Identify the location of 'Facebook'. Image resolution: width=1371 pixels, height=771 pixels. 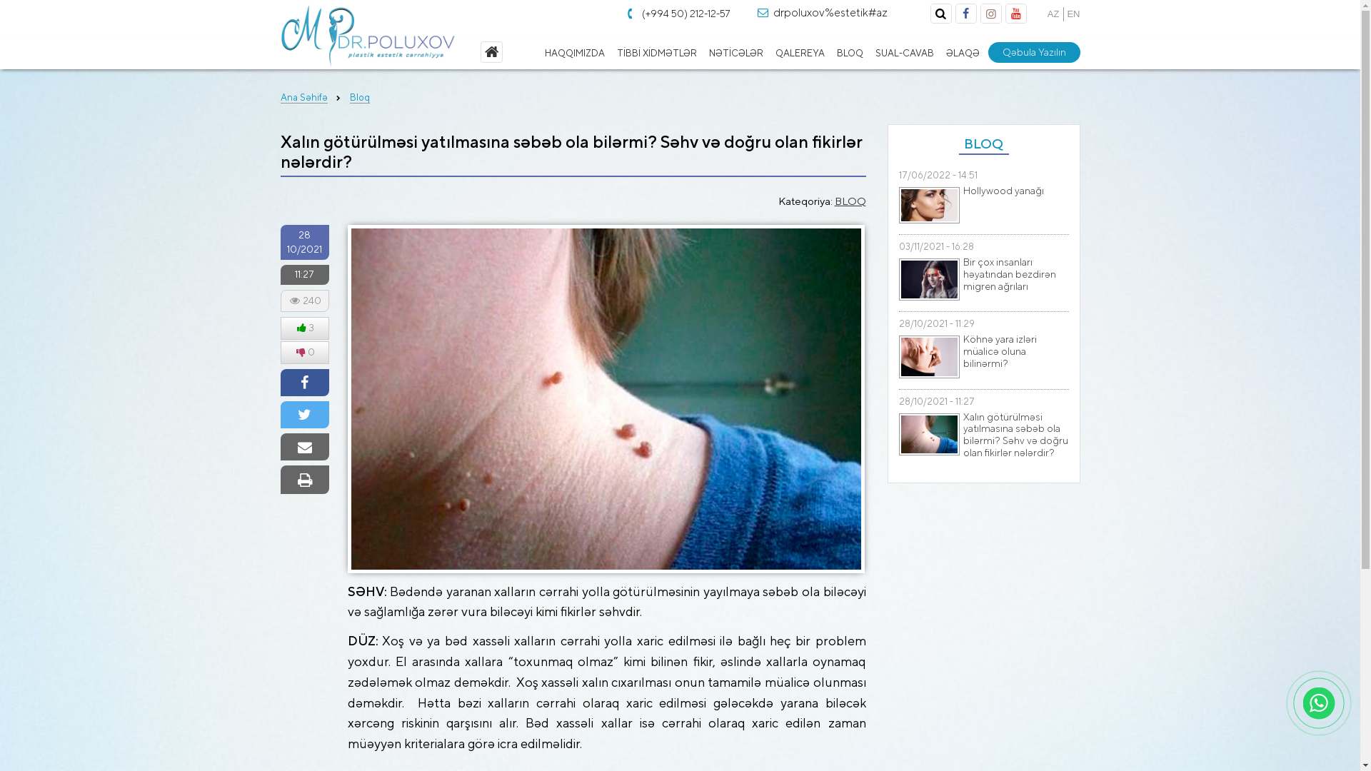
(965, 14).